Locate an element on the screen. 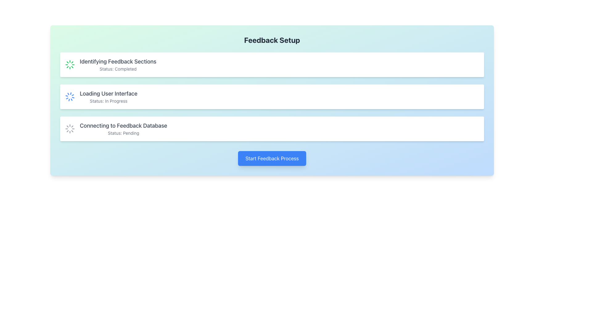 This screenshot has width=592, height=333. the Text label indicating the current status of the associated task or process within the 'Connecting to Feedback Database' card, located below its primary heading is located at coordinates (123, 133).